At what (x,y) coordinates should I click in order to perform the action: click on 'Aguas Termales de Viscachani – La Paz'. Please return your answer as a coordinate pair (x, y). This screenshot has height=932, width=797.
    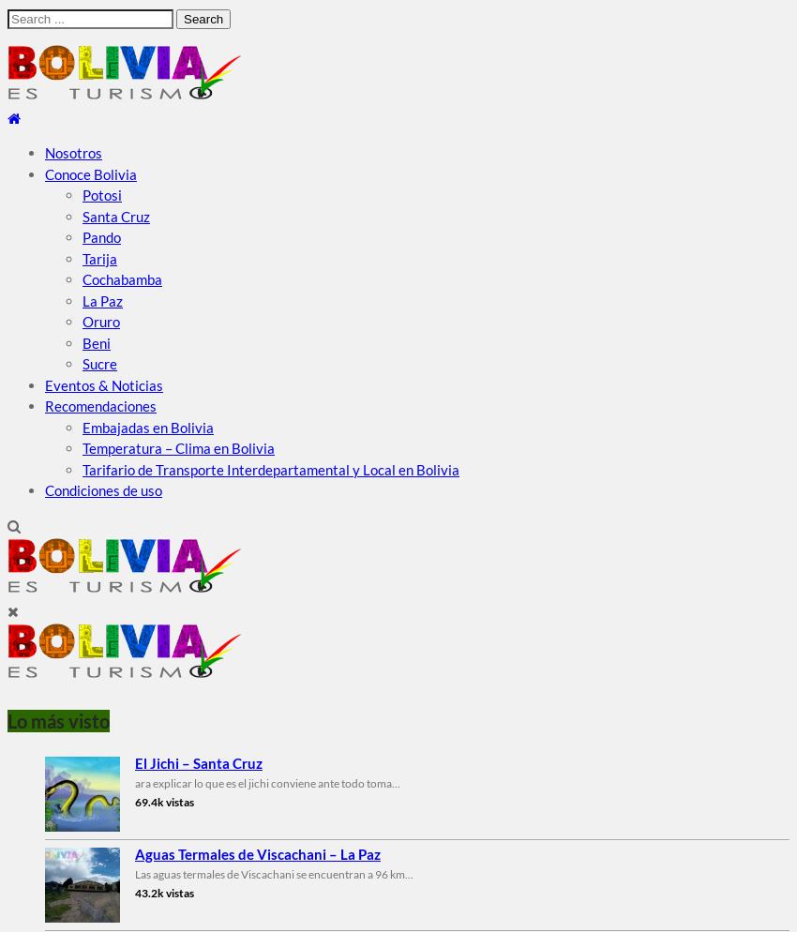
    Looking at the image, I should click on (256, 852).